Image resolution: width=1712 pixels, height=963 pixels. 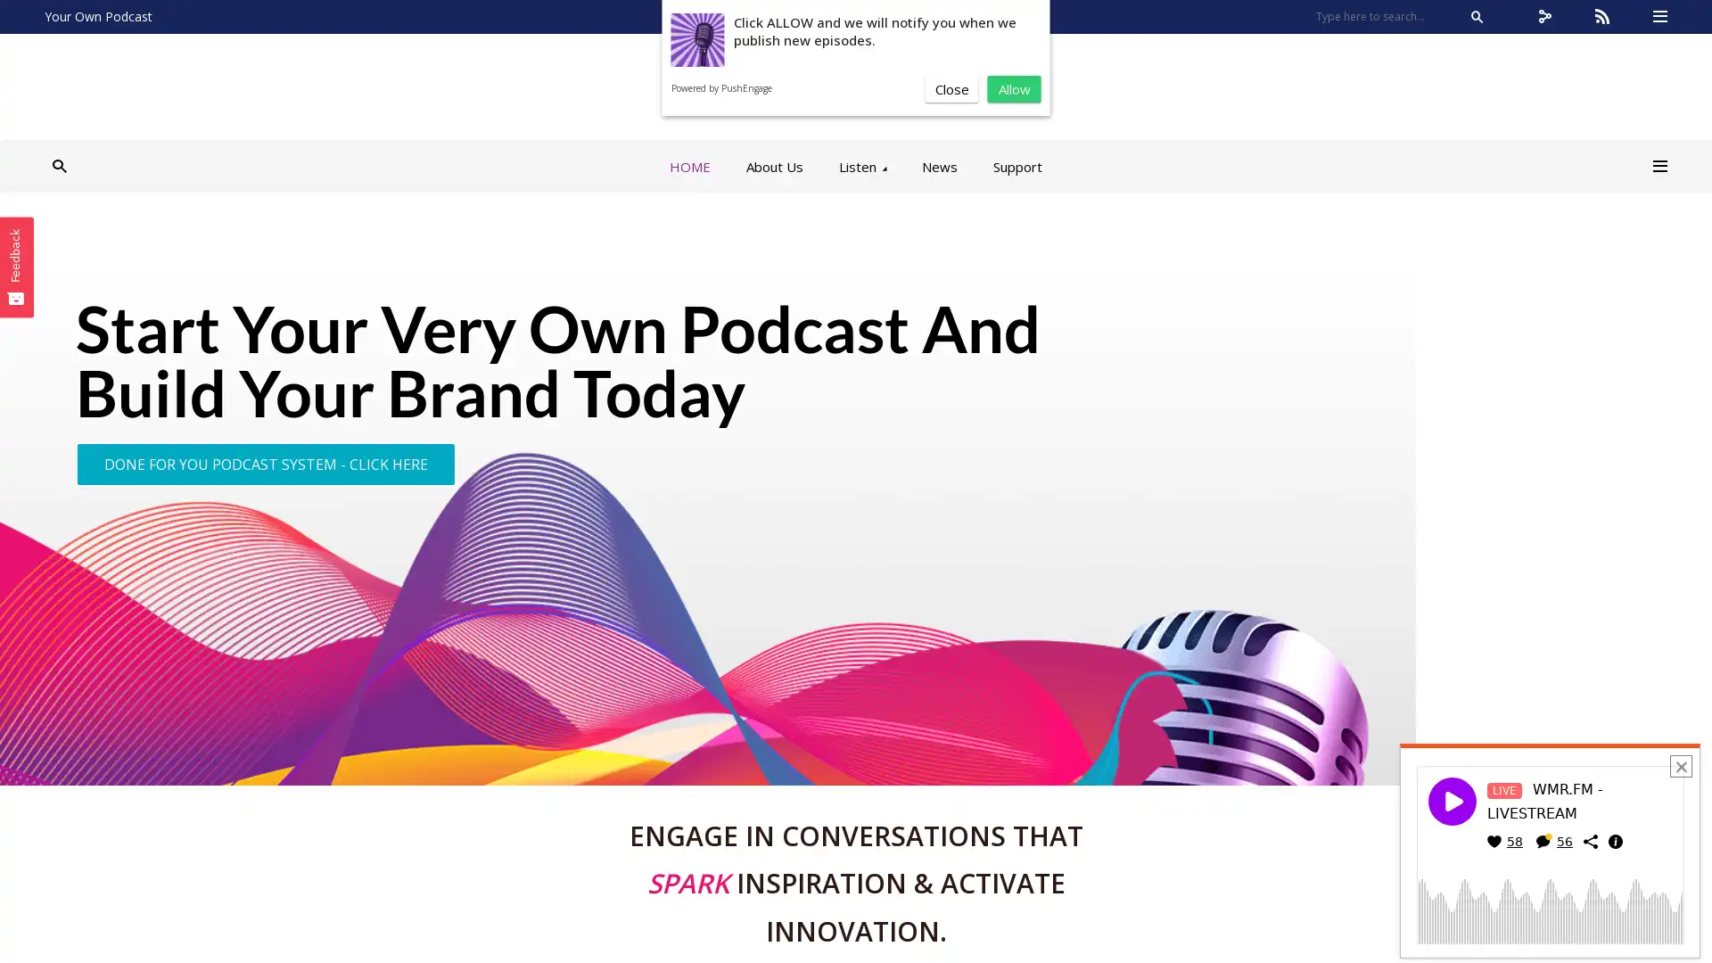 I want to click on DONE FOR YOU PODCAST SYSTEM - CLICK HERE, so click(x=265, y=463).